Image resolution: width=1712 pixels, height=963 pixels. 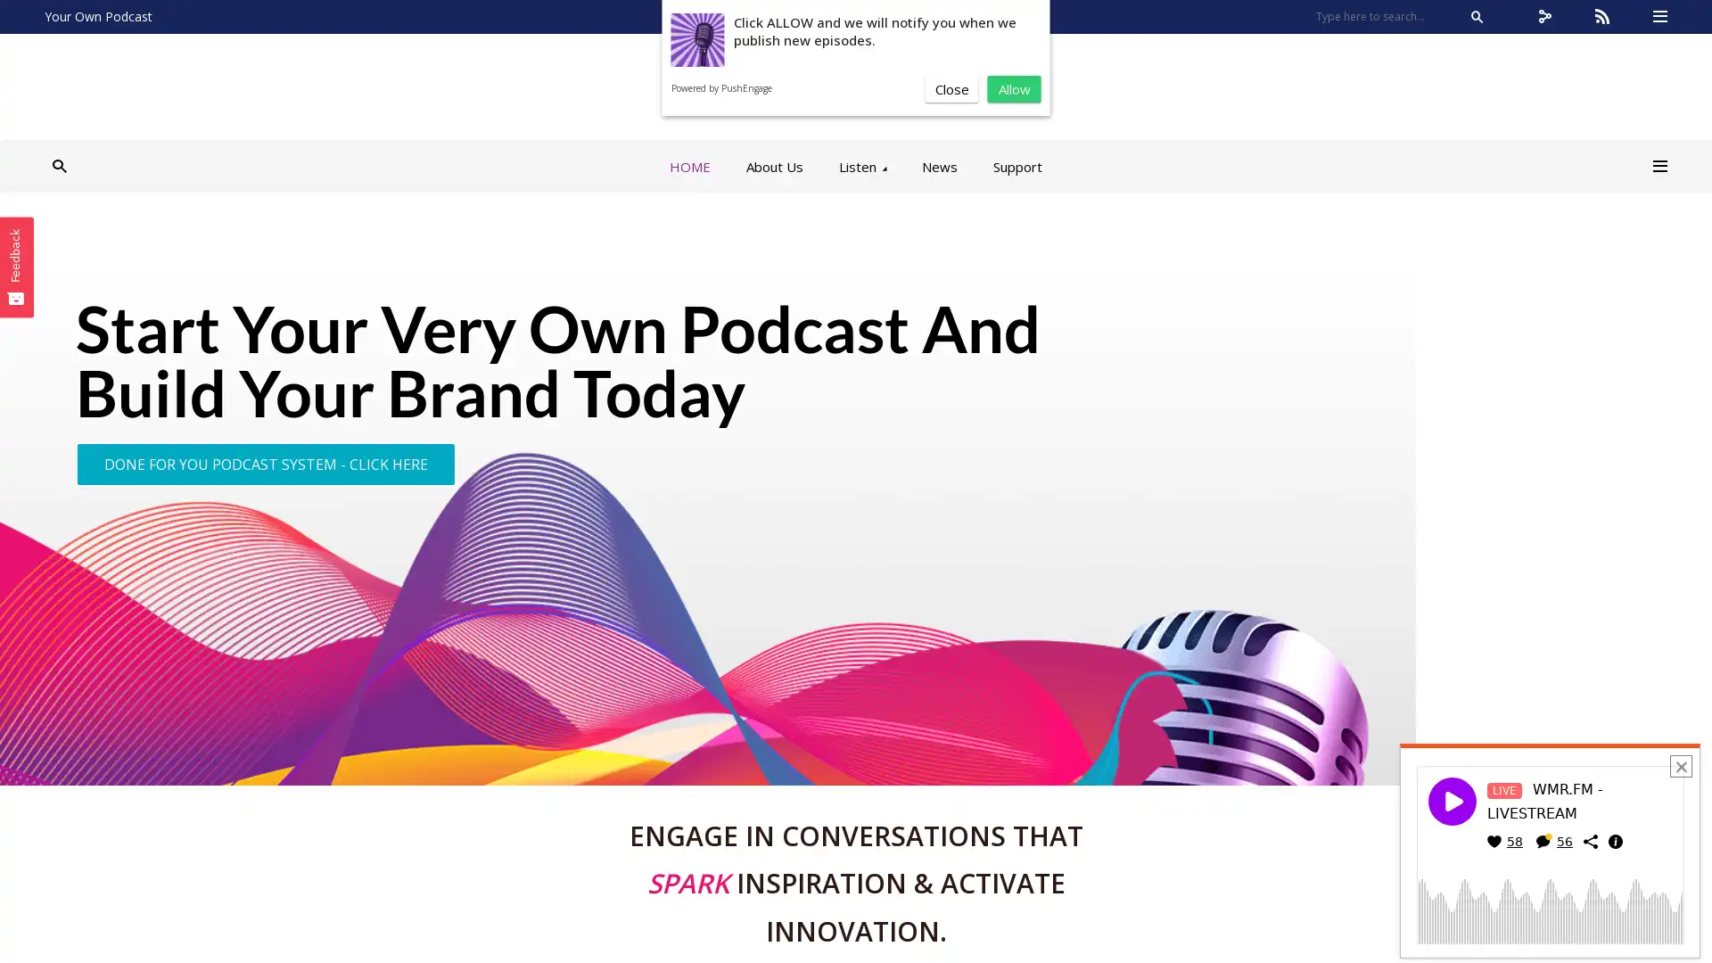 I want to click on DONE FOR YOU PODCAST SYSTEM - CLICK HERE, so click(x=265, y=463).